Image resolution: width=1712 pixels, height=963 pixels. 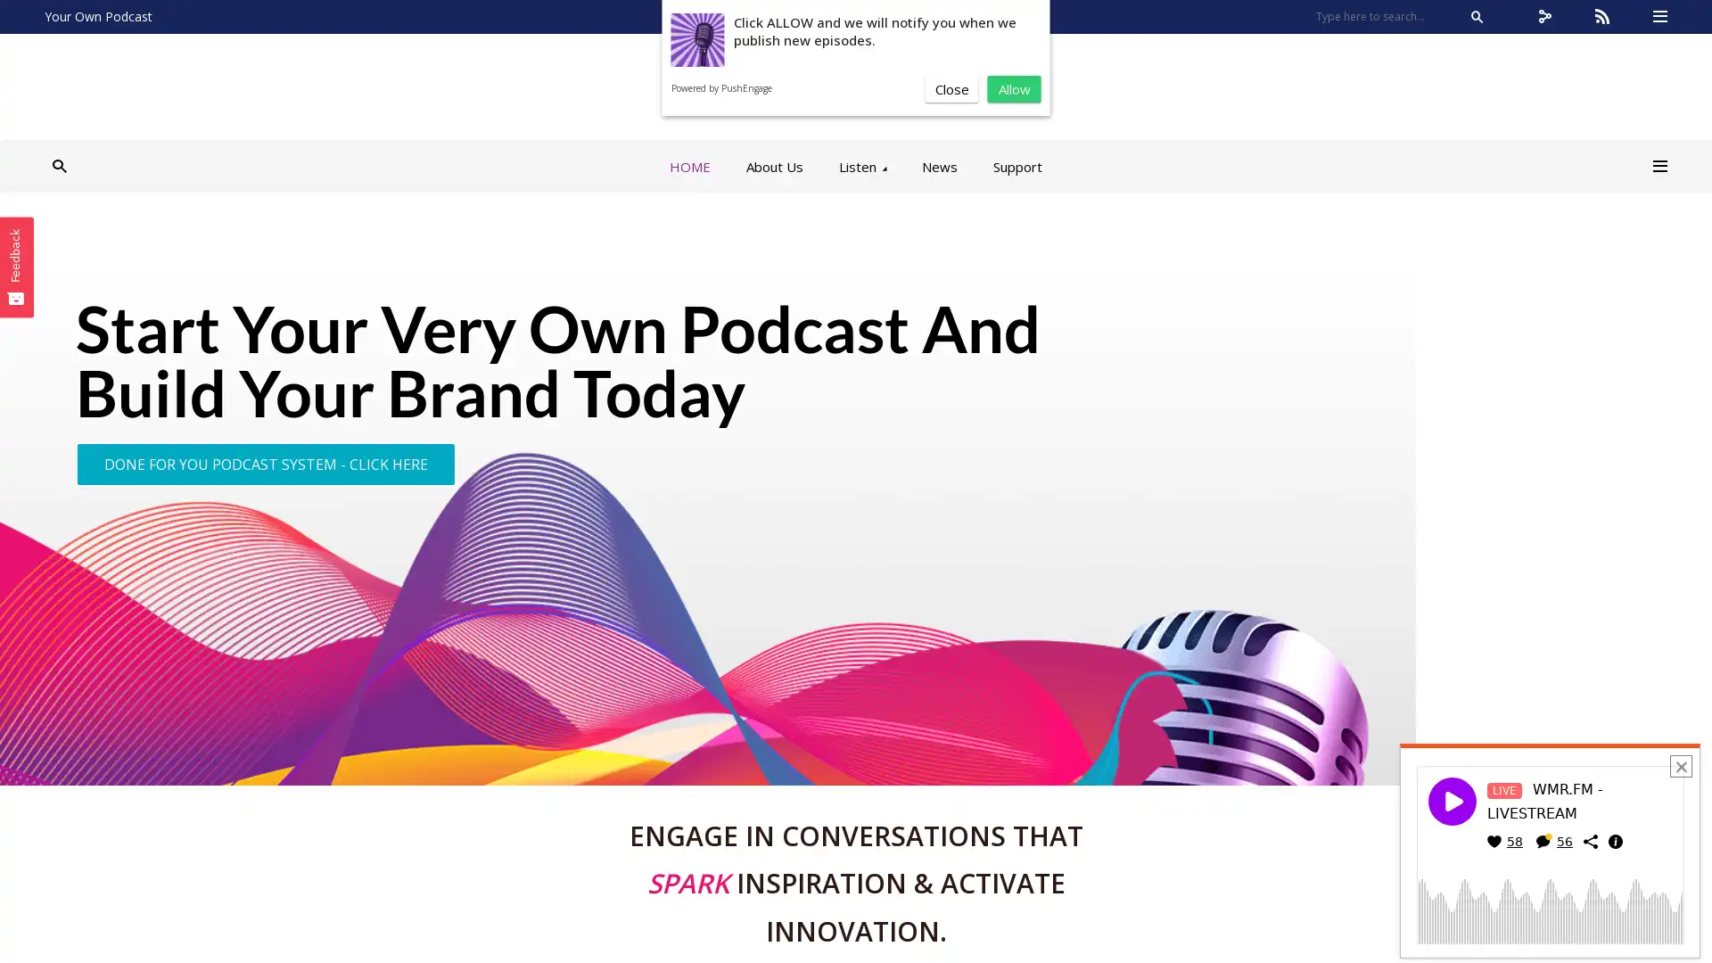 I want to click on DONE FOR YOU PODCAST SYSTEM - CLICK HERE, so click(x=265, y=463).